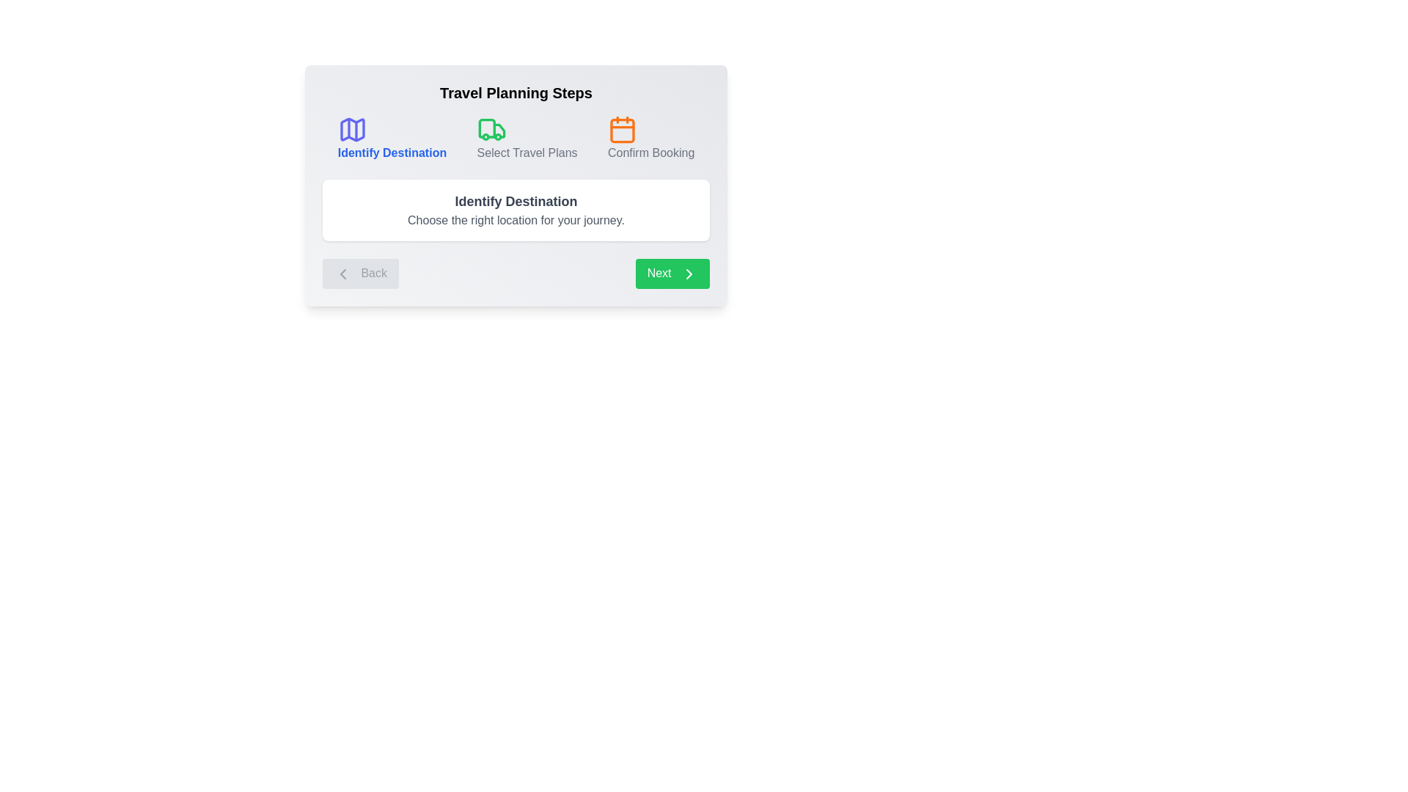 The height and width of the screenshot is (792, 1408). I want to click on the orange rectangular decorative element within the calendar icon, located near the top right corner of the interface, which is part of the step indicators for a travel planning process, so click(623, 129).